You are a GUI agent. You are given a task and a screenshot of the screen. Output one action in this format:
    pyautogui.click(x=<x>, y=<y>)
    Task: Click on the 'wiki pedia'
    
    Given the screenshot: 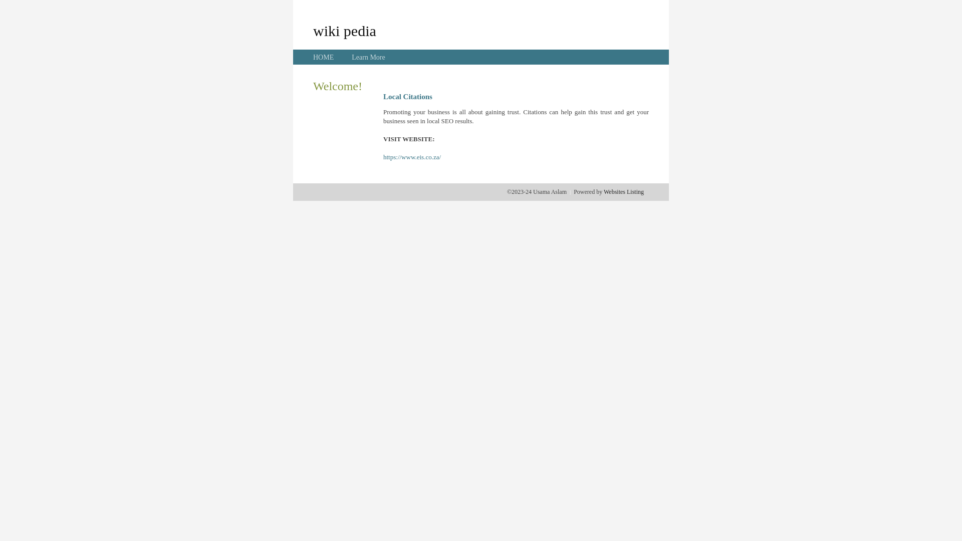 What is the action you would take?
    pyautogui.click(x=344, y=30)
    